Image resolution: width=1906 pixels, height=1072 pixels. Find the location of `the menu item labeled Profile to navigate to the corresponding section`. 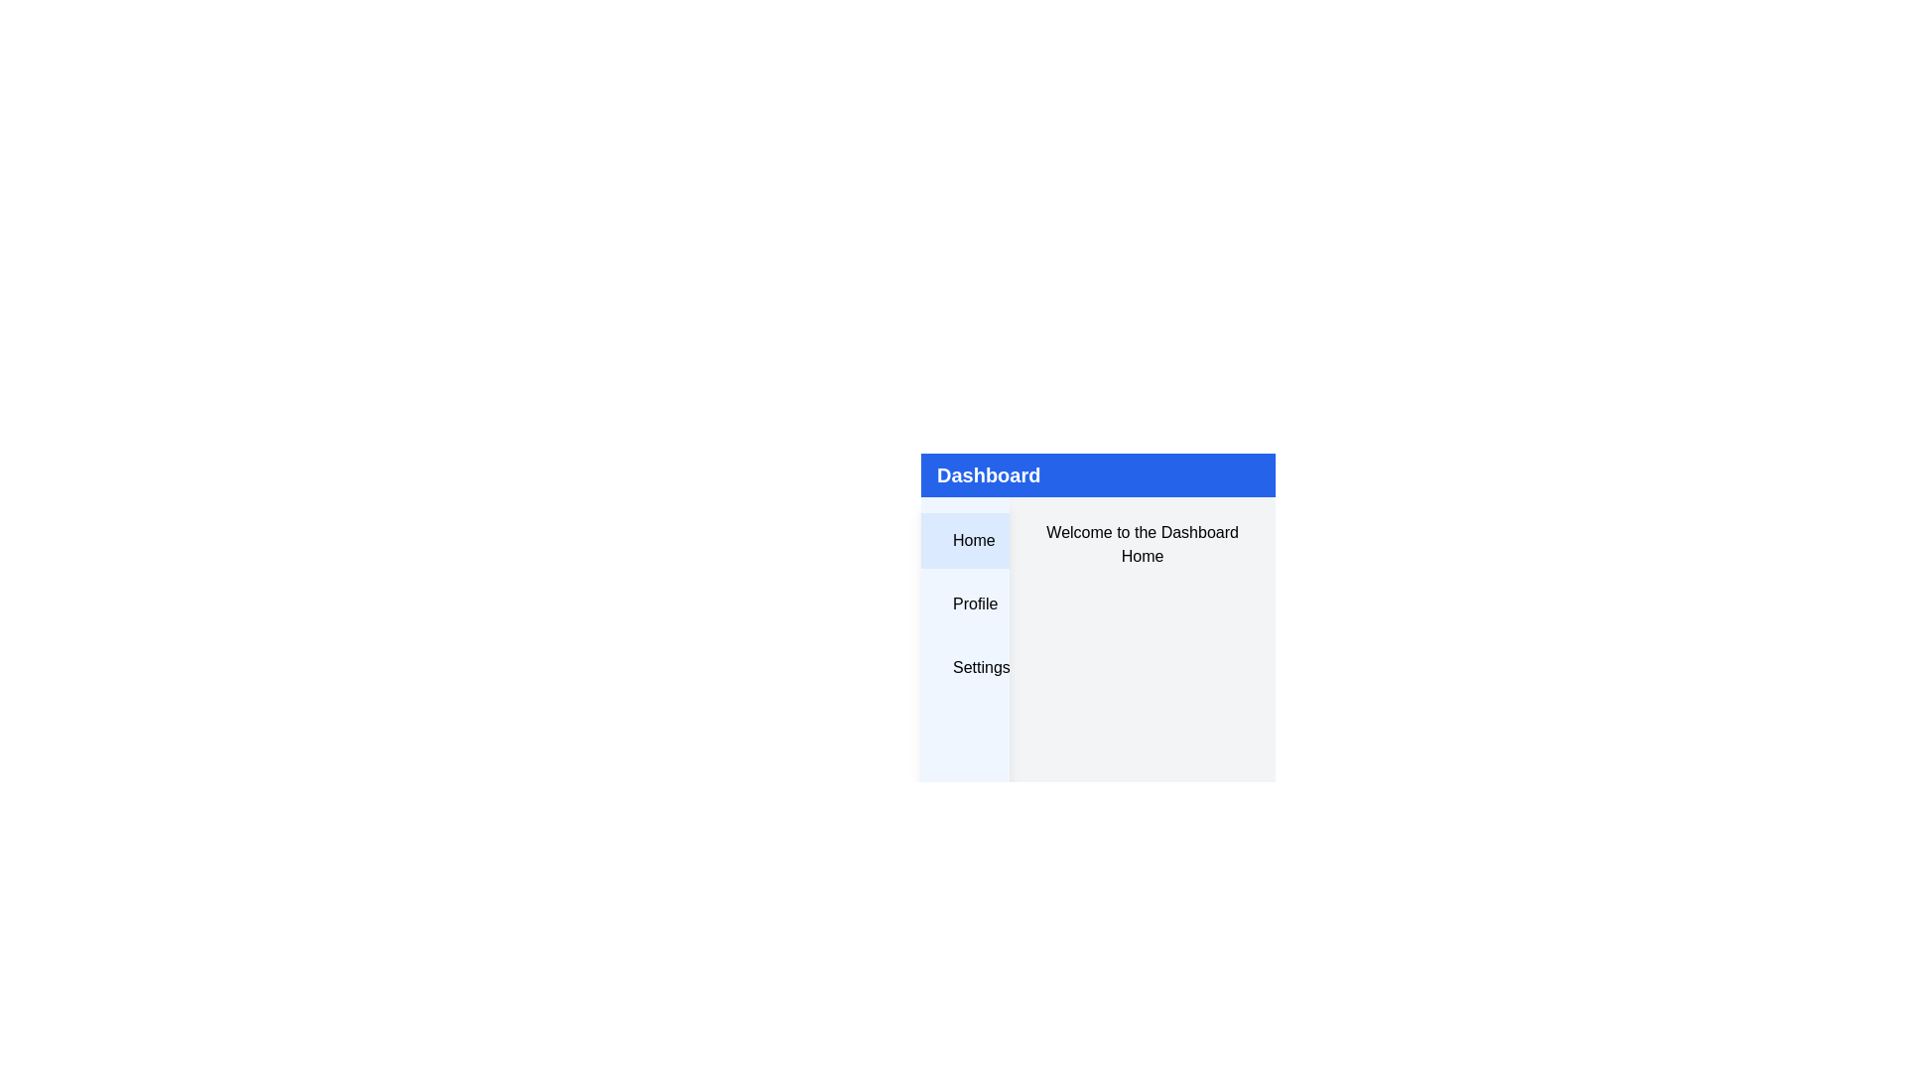

the menu item labeled Profile to navigate to the corresponding section is located at coordinates (964, 603).